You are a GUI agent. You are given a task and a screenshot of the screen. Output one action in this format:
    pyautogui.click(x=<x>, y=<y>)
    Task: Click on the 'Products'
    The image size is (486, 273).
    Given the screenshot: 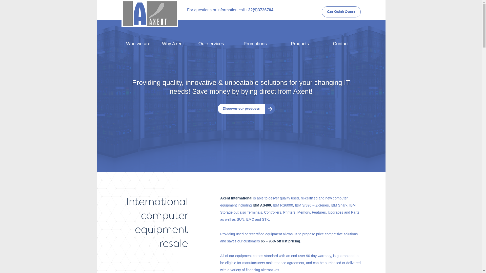 What is the action you would take?
    pyautogui.click(x=300, y=43)
    